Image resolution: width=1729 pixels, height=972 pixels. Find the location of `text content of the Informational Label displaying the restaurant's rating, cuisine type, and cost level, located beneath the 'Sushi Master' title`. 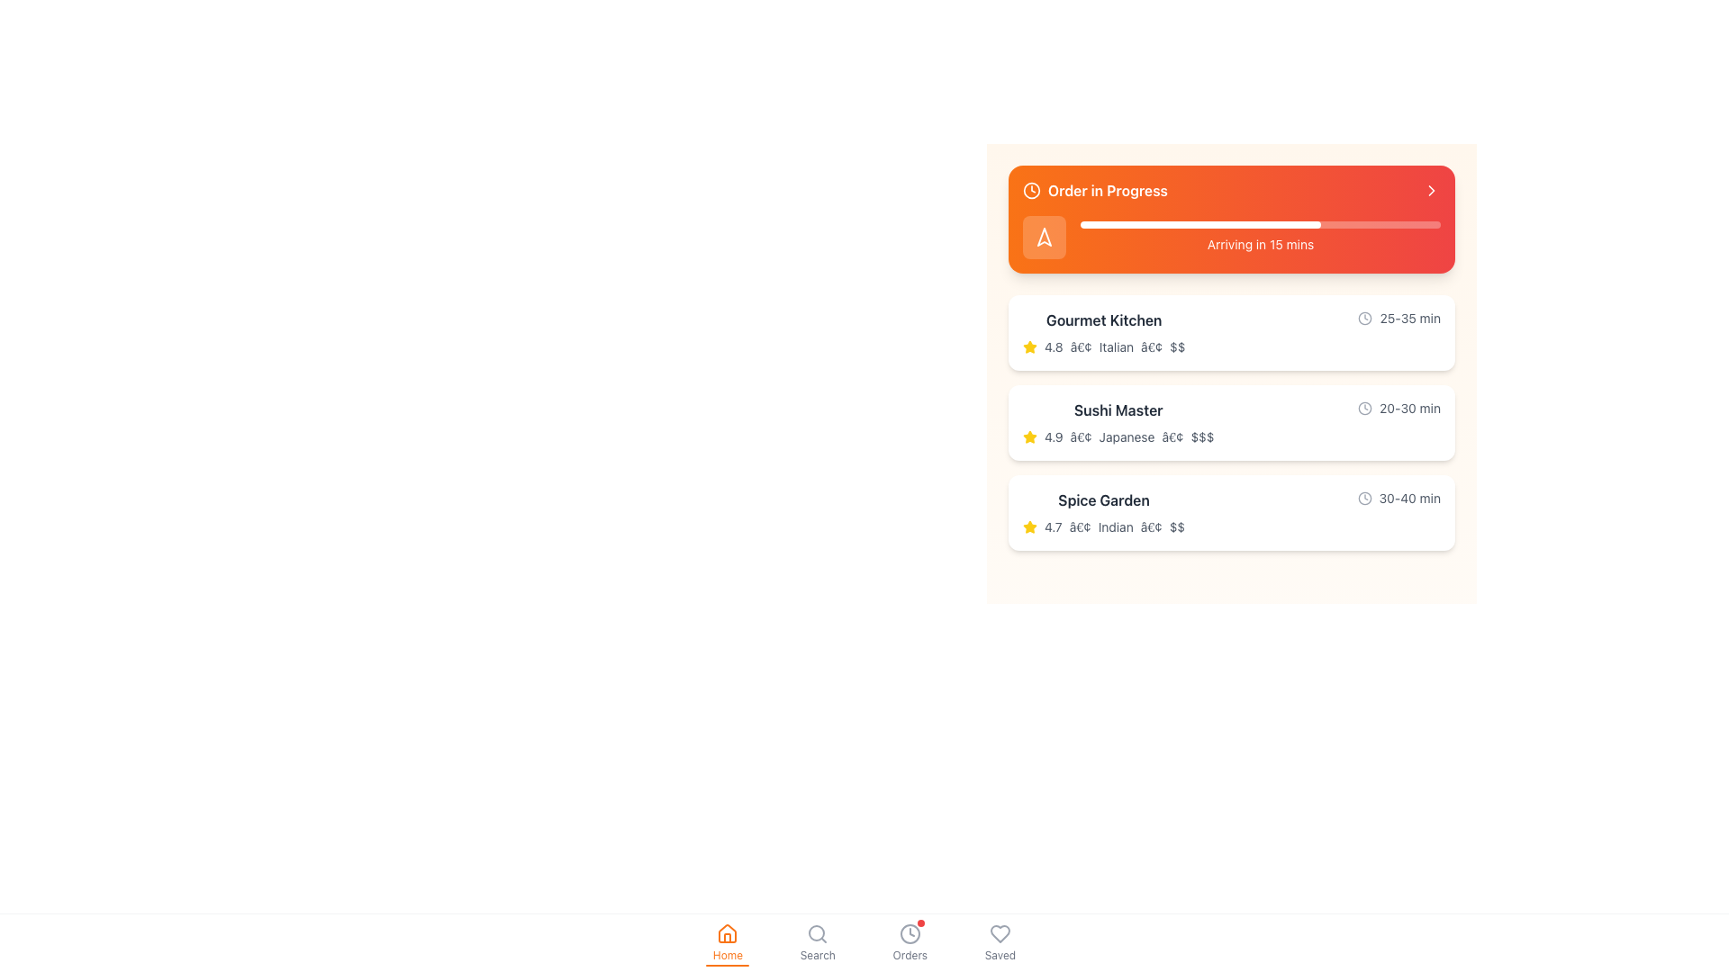

text content of the Informational Label displaying the restaurant's rating, cuisine type, and cost level, located beneath the 'Sushi Master' title is located at coordinates (1118, 437).